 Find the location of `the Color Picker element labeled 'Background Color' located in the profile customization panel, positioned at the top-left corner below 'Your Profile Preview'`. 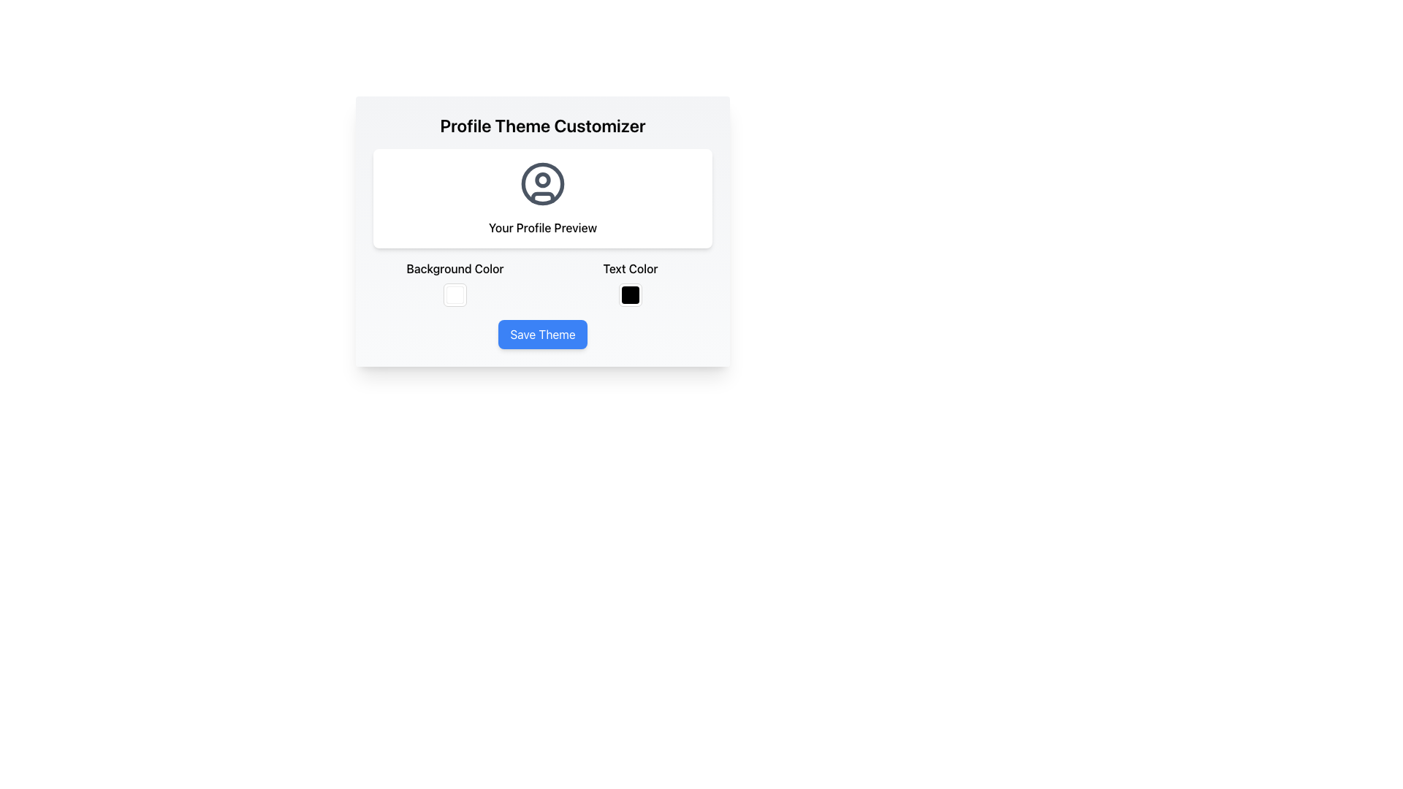

the Color Picker element labeled 'Background Color' located in the profile customization panel, positioned at the top-left corner below 'Your Profile Preview' is located at coordinates (455, 284).